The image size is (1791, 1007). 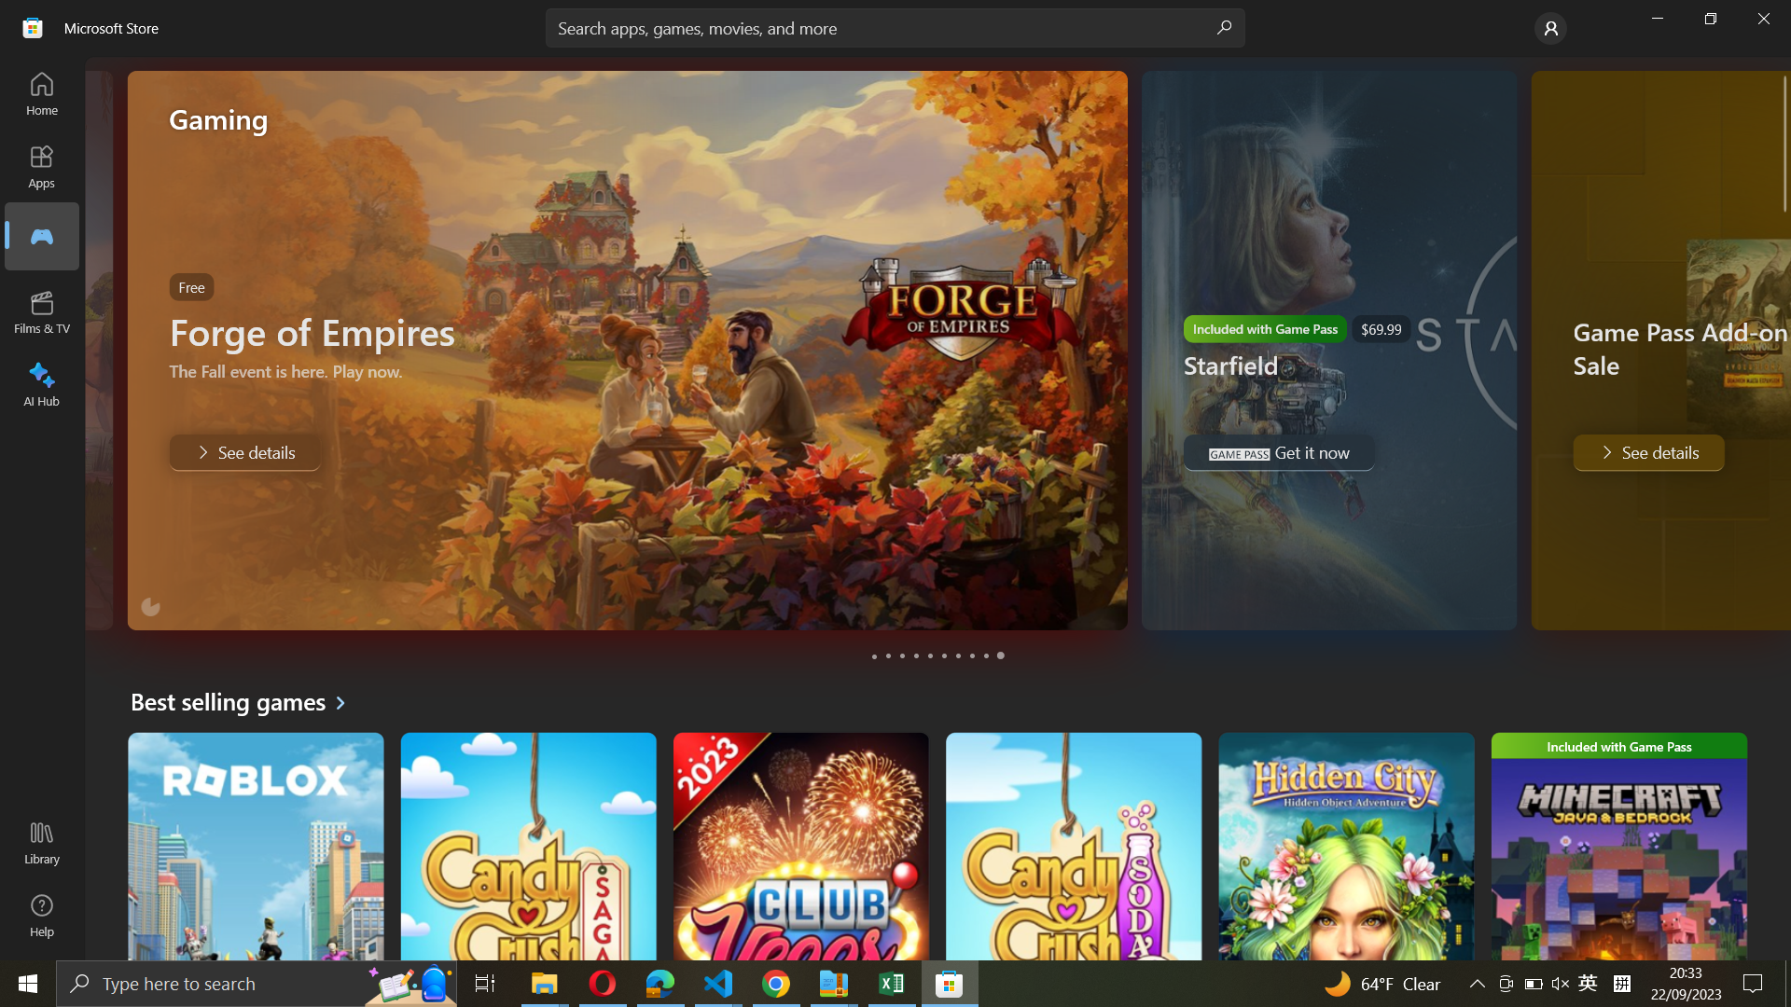 I want to click on Go to AI Hub, so click(x=43, y=380).